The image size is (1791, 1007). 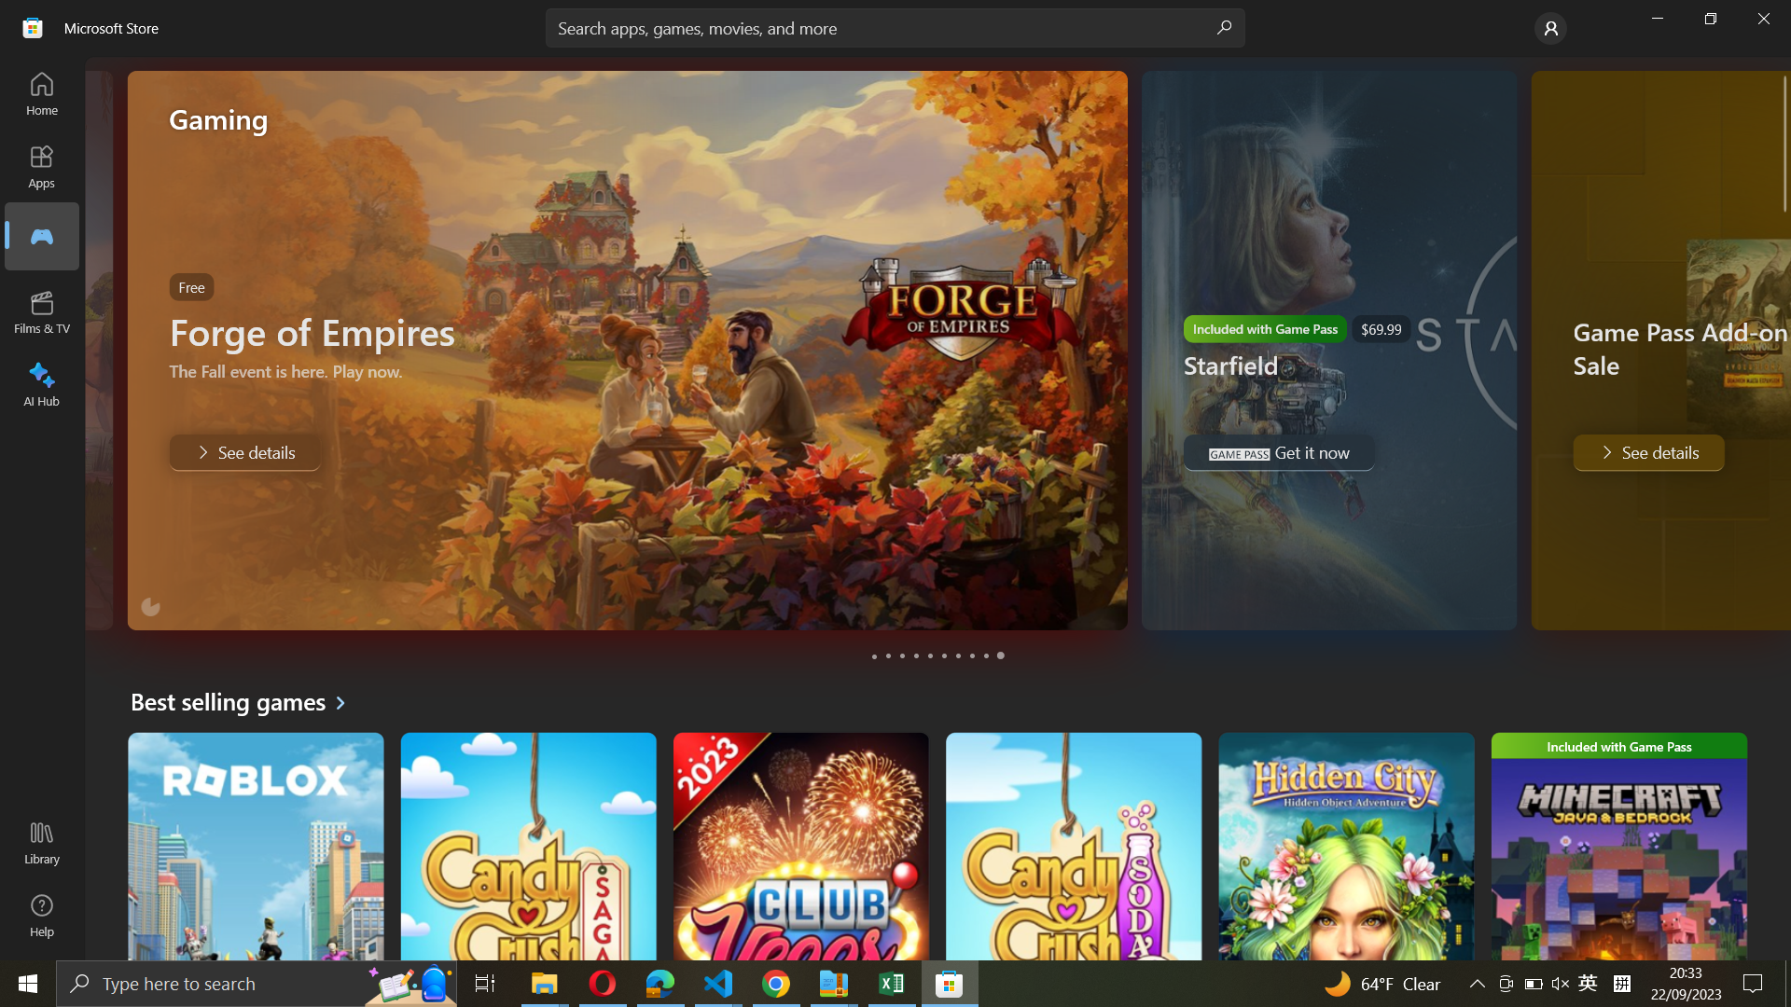 I want to click on Go to AI Hub, so click(x=43, y=380).